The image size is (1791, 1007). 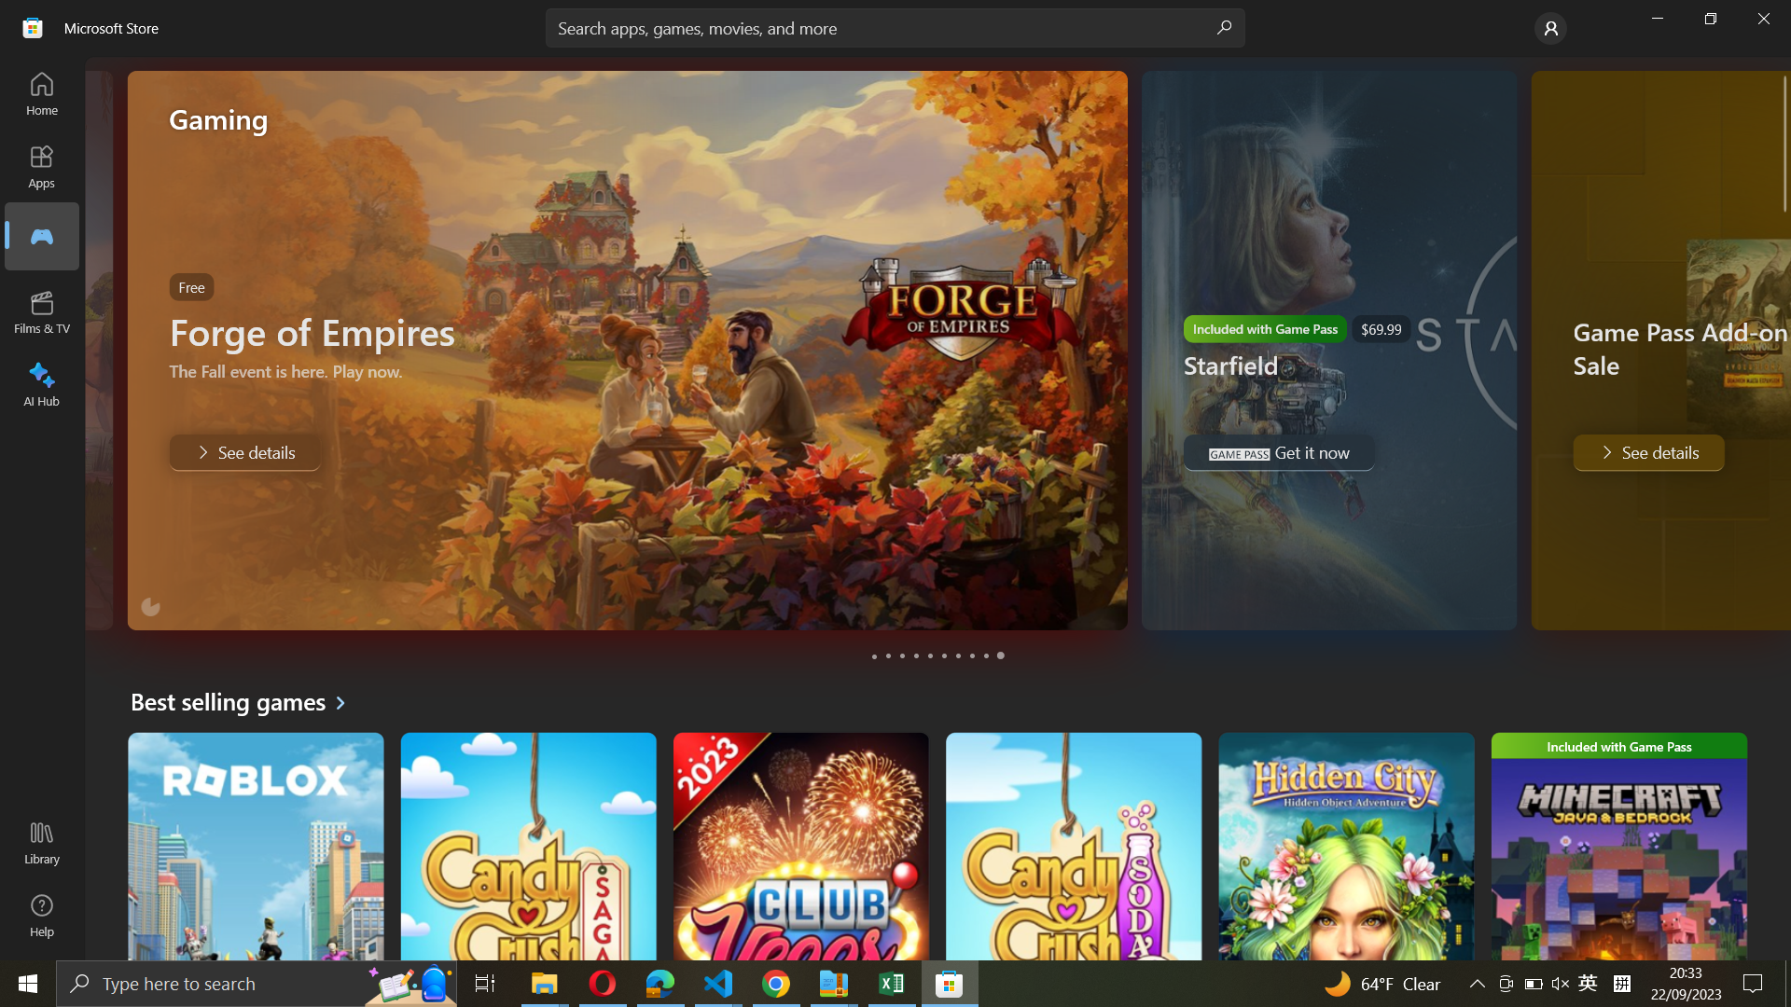 I want to click on Go to AI Hub, so click(x=43, y=380).